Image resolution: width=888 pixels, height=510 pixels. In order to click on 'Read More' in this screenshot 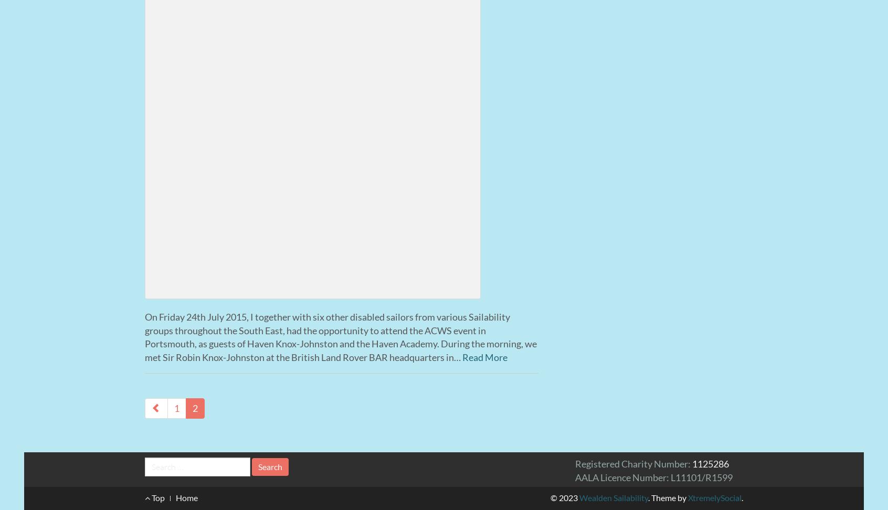, I will do `click(485, 356)`.